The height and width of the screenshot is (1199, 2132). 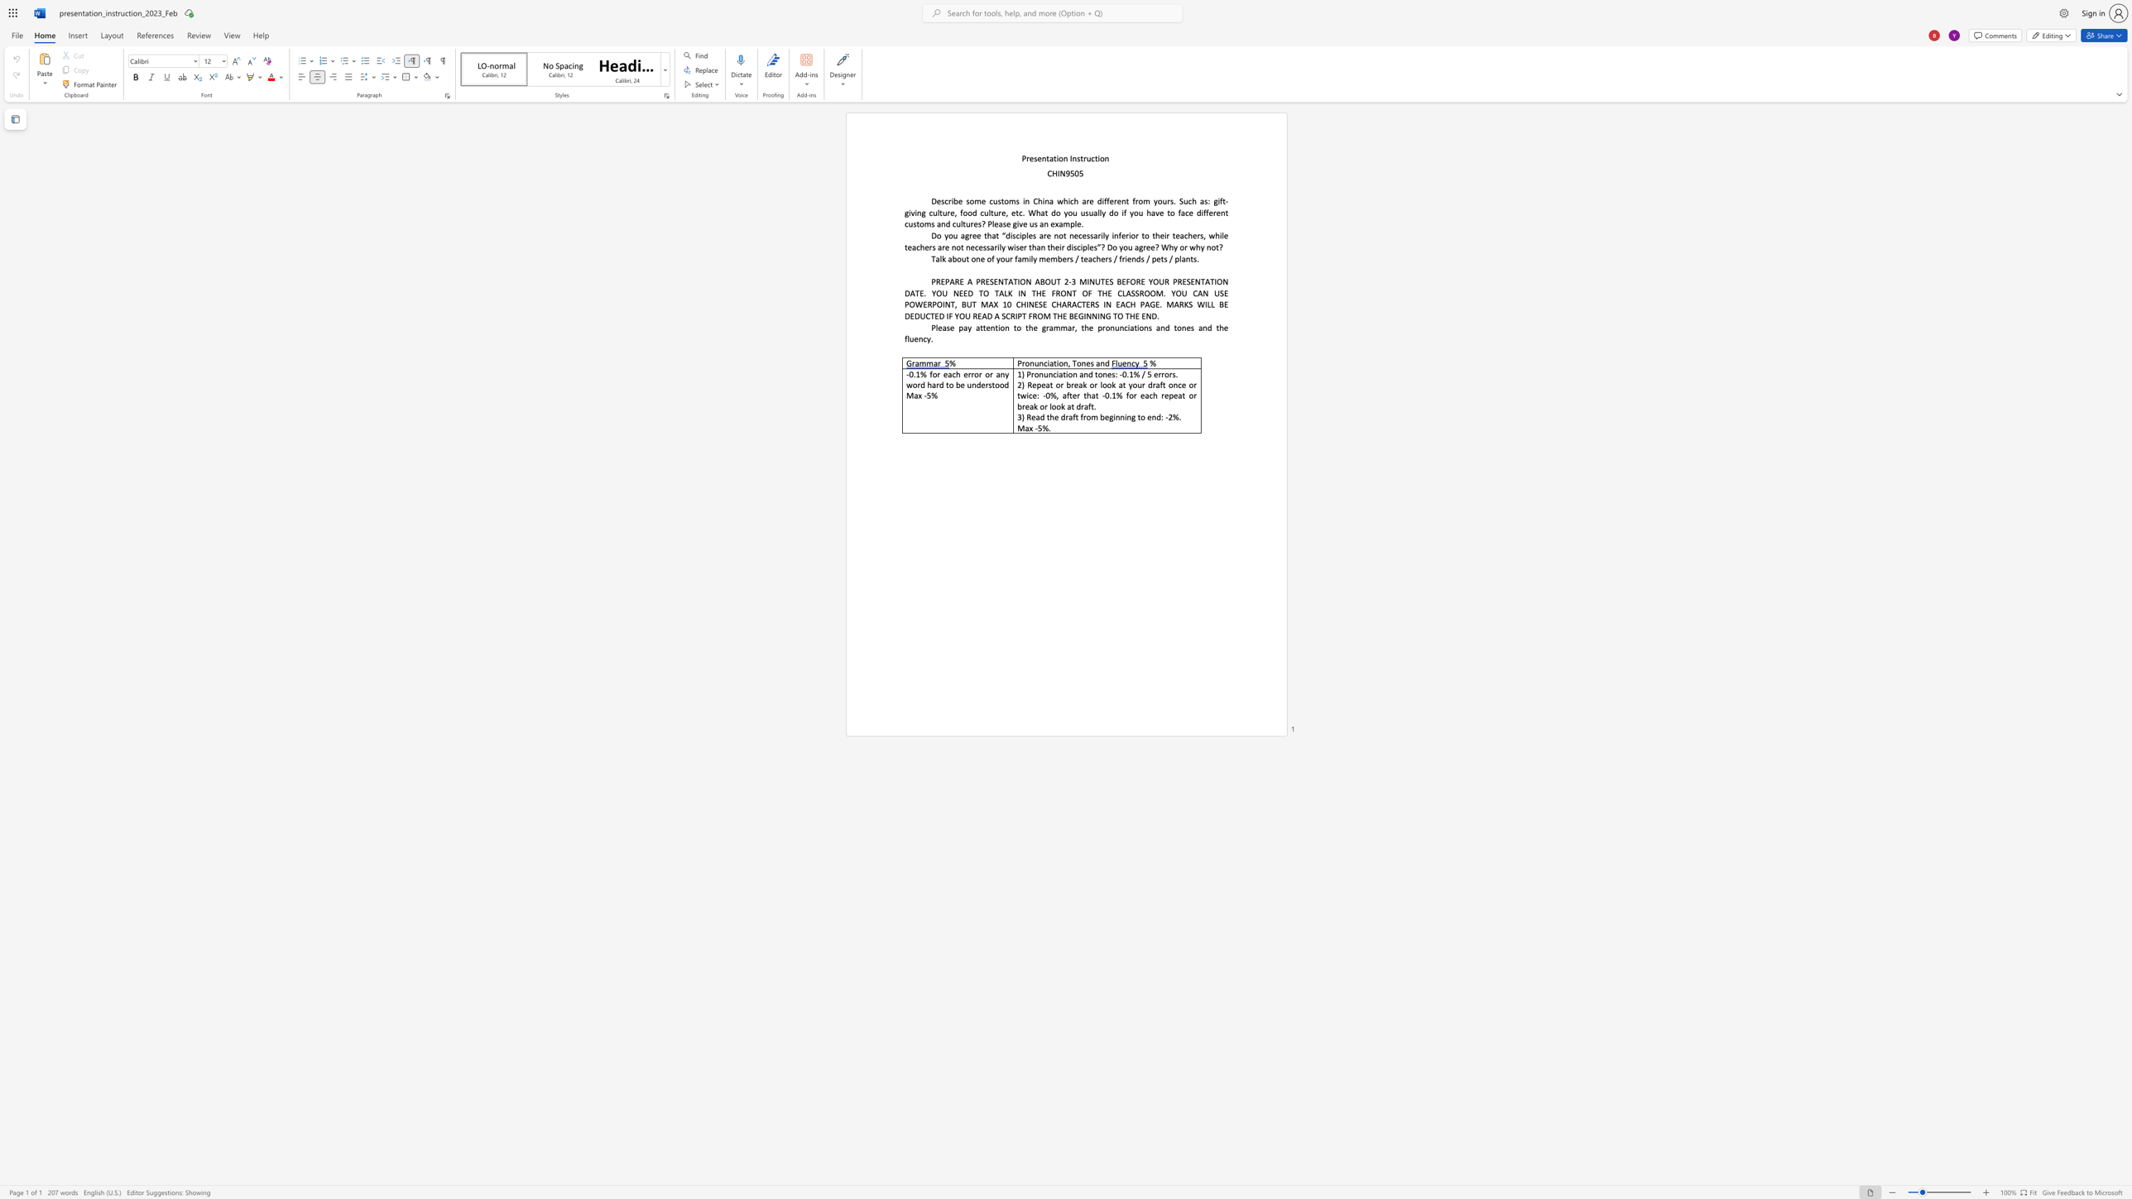 What do you see at coordinates (960, 258) in the screenshot?
I see `the subset text "ut on" within the text "Talk about one of your family members / teachers / friends / pets / plants."` at bounding box center [960, 258].